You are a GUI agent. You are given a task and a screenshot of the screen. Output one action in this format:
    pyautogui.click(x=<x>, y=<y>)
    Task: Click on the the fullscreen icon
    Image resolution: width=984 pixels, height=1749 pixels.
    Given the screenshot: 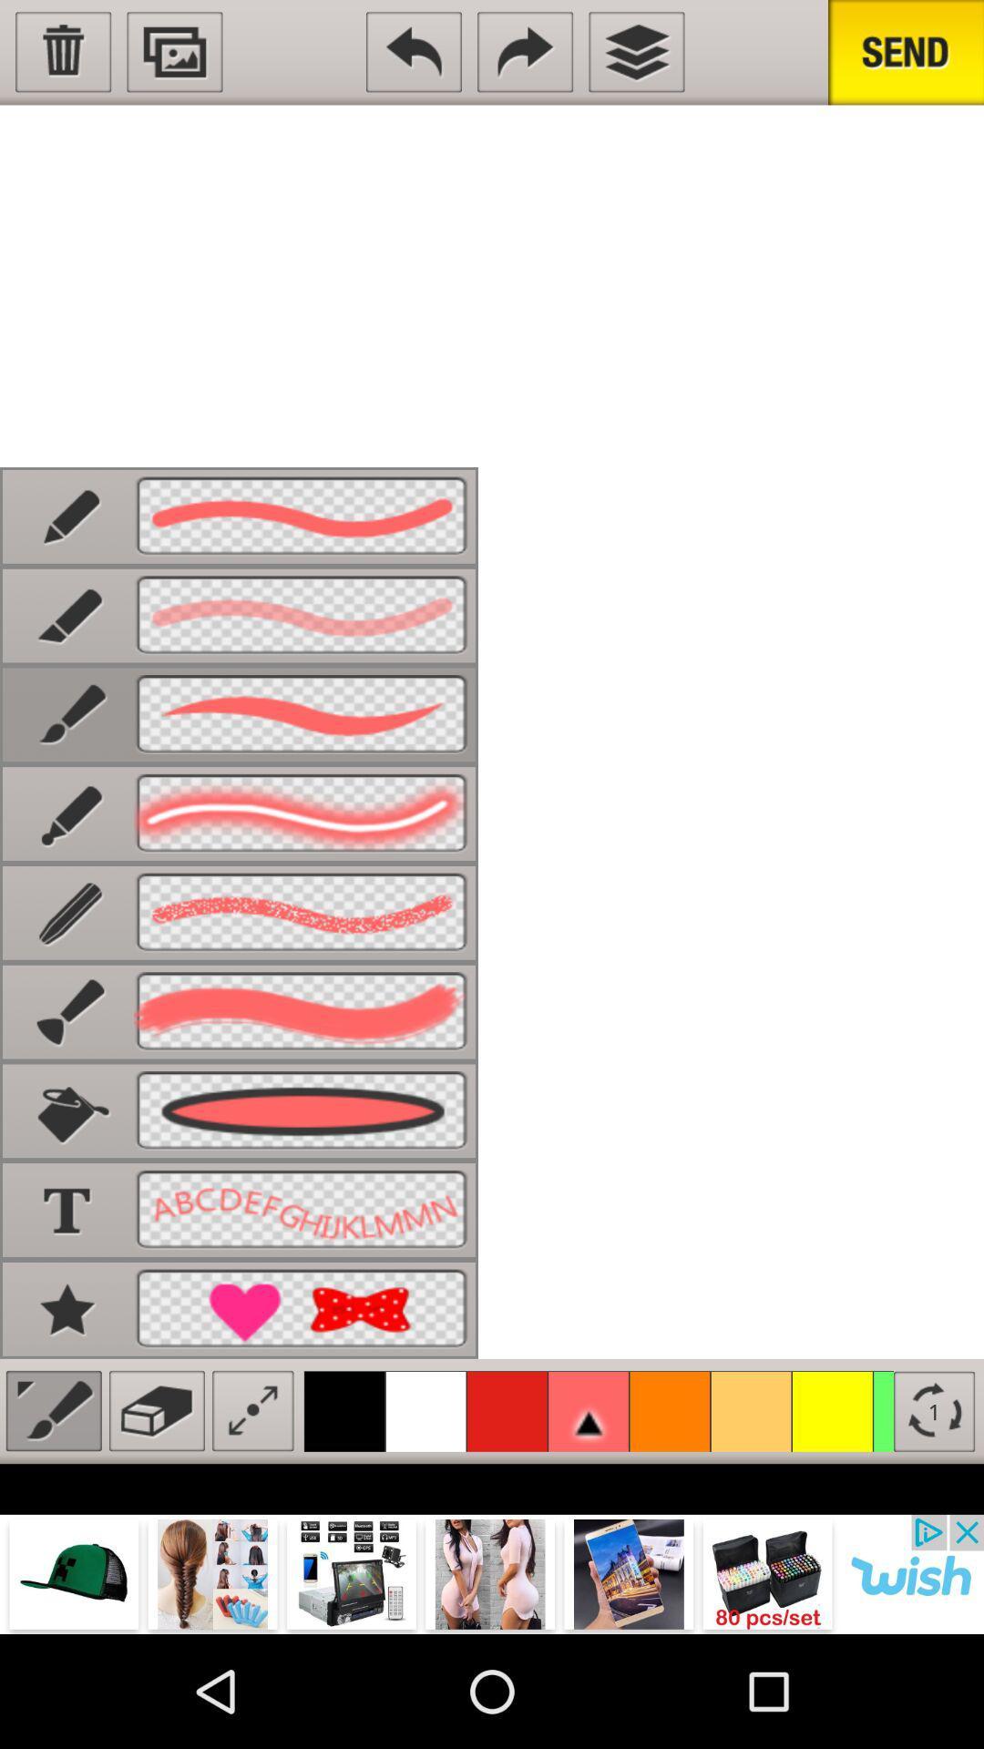 What is the action you would take?
    pyautogui.click(x=252, y=1410)
    